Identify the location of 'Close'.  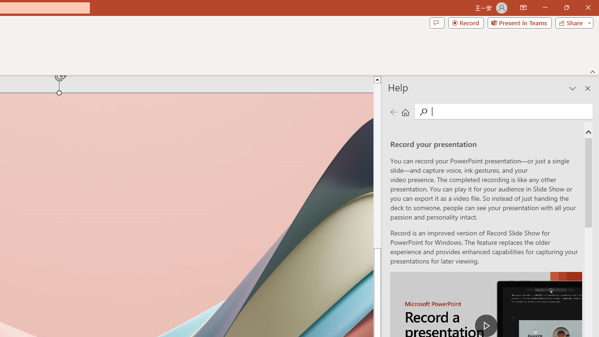
(587, 7).